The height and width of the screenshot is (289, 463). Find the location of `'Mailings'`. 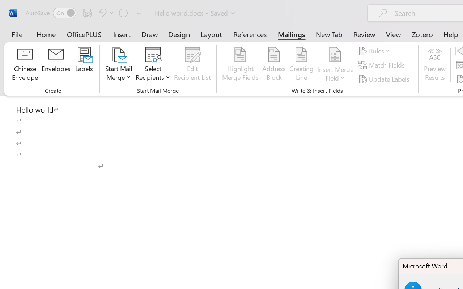

'Mailings' is located at coordinates (292, 34).